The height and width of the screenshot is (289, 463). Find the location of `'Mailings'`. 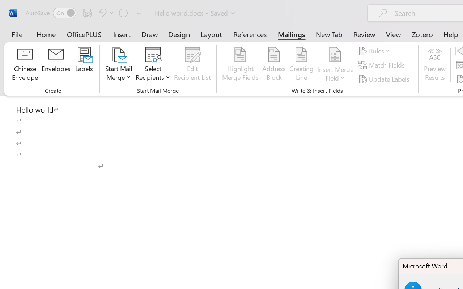

'Mailings' is located at coordinates (292, 34).